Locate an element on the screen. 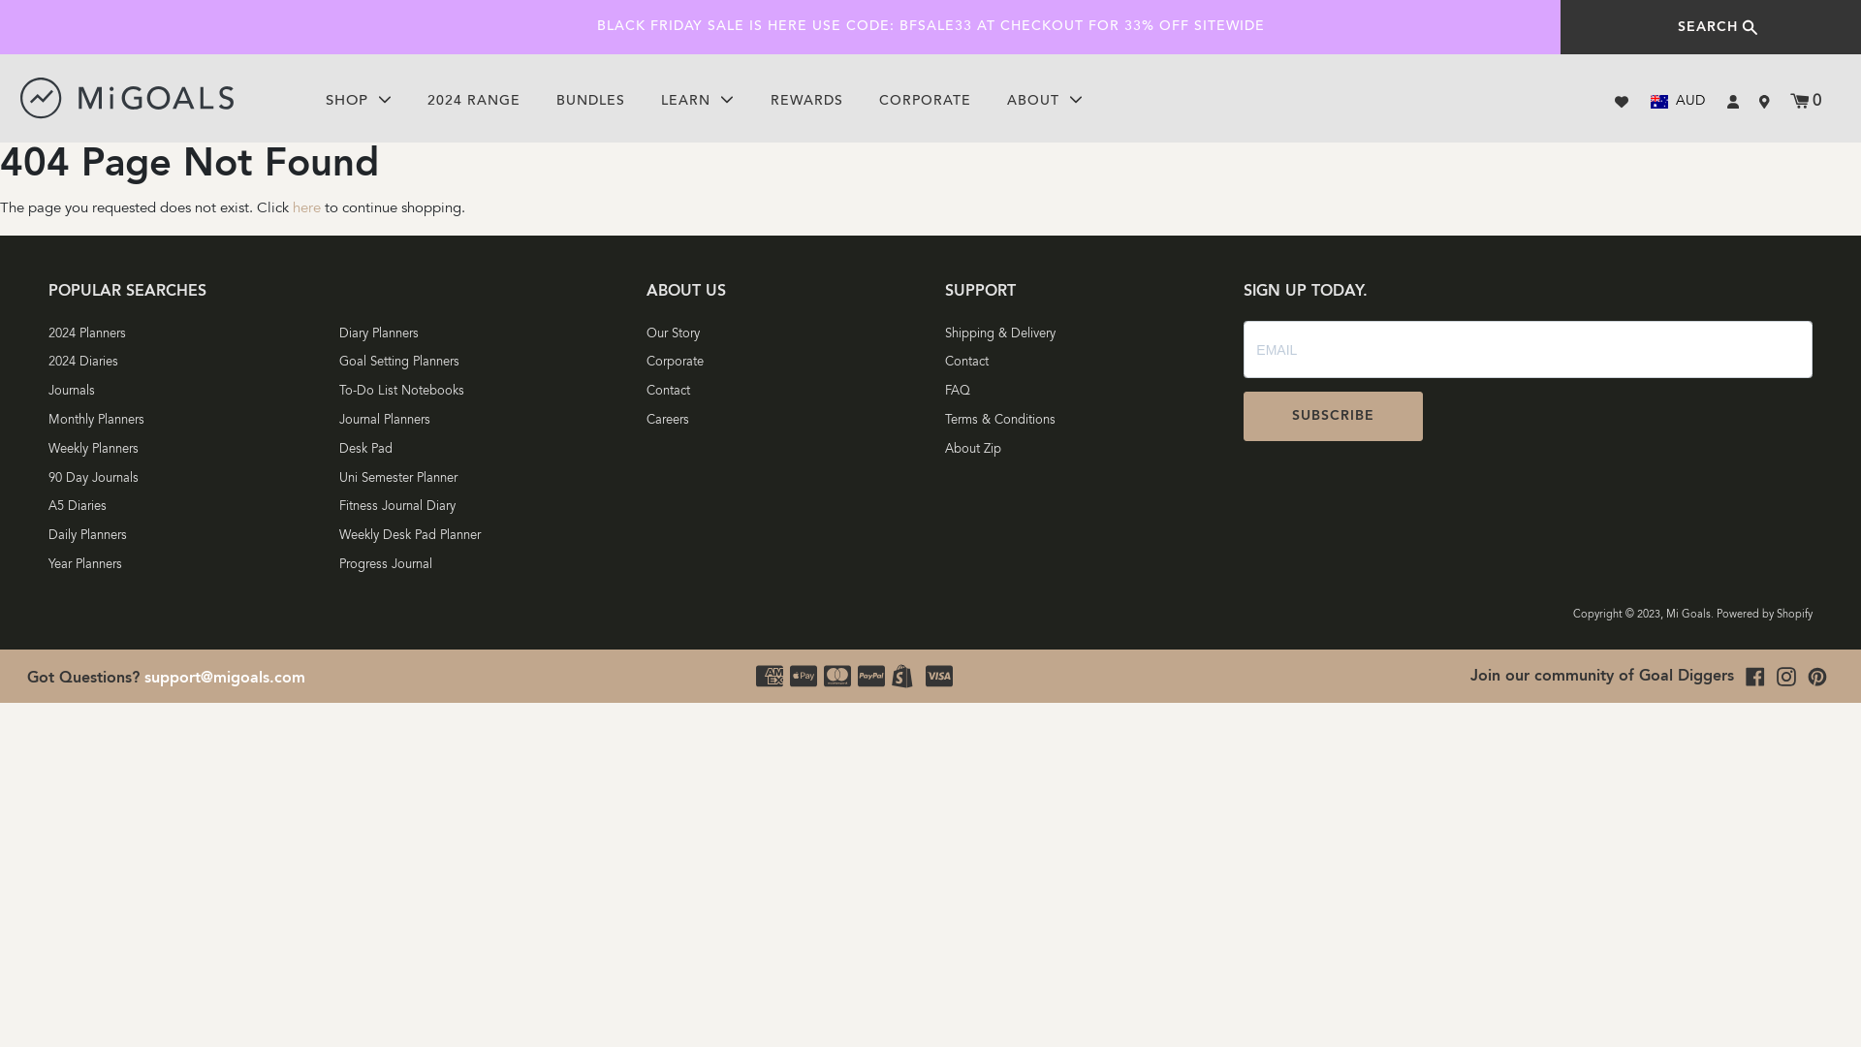 This screenshot has width=1861, height=1047. 'LEARN' is located at coordinates (697, 101).